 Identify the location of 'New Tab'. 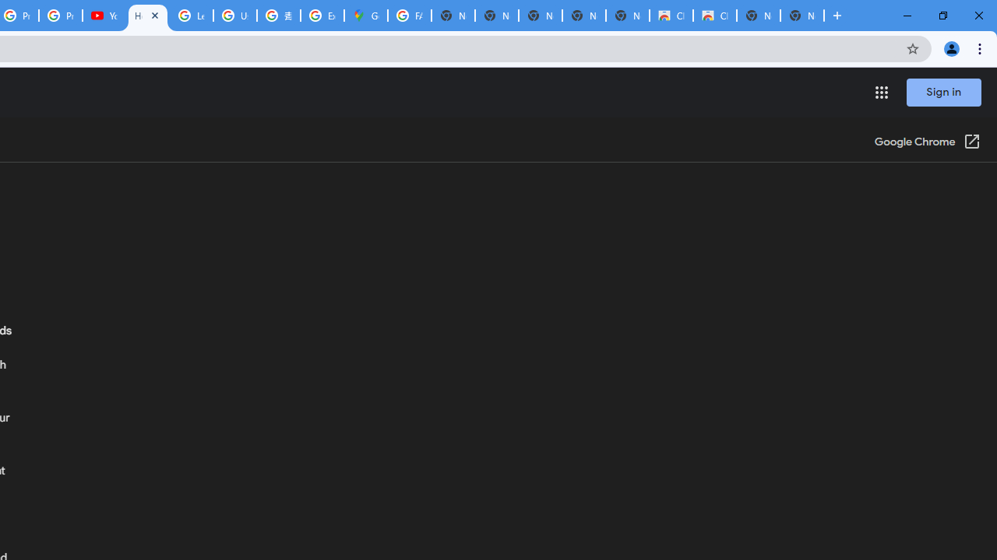
(802, 16).